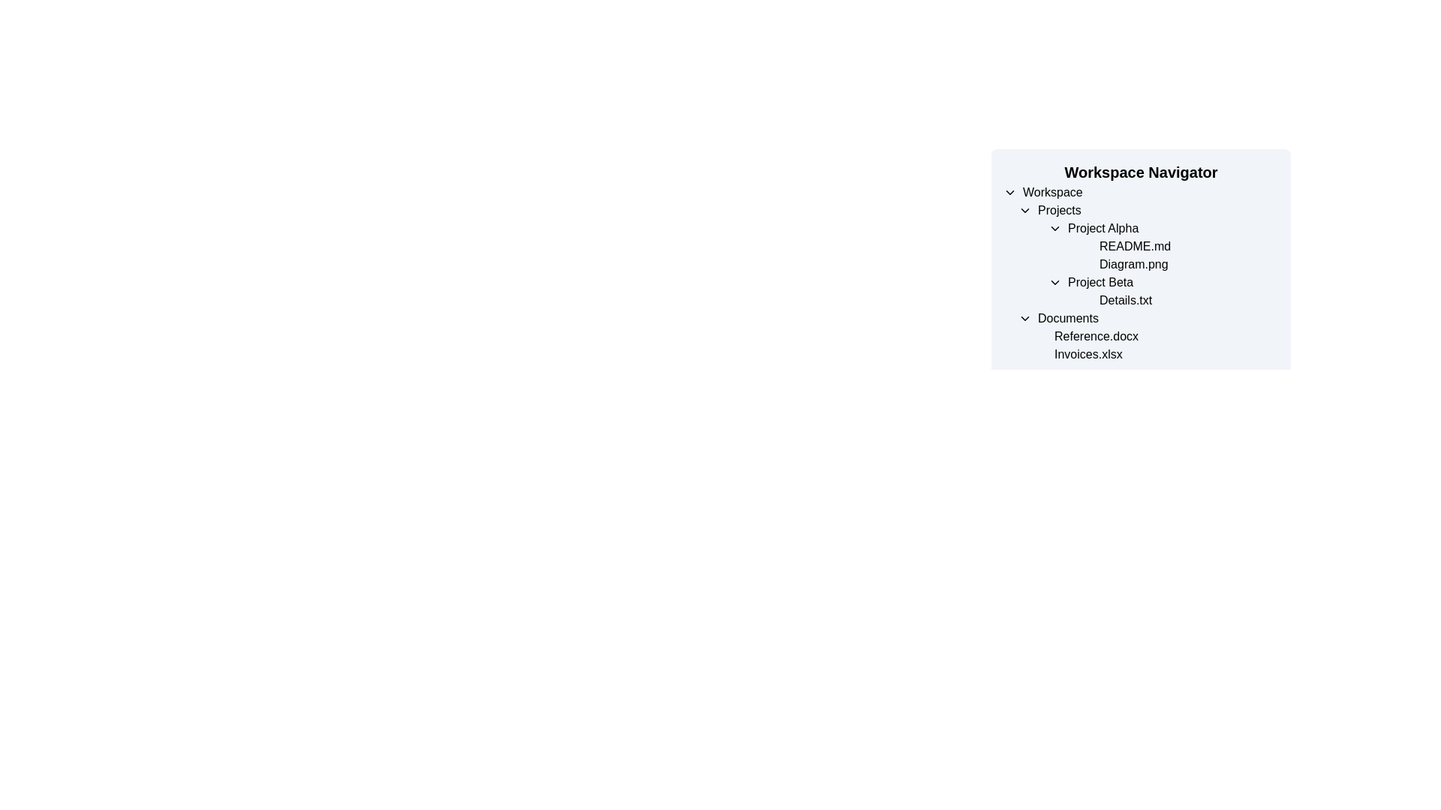 This screenshot has height=810, width=1441. Describe the element at coordinates (1024, 211) in the screenshot. I see `the downward-facing Chevron icon located to the left of the 'Projects' text in the Workspace Navigator` at that location.